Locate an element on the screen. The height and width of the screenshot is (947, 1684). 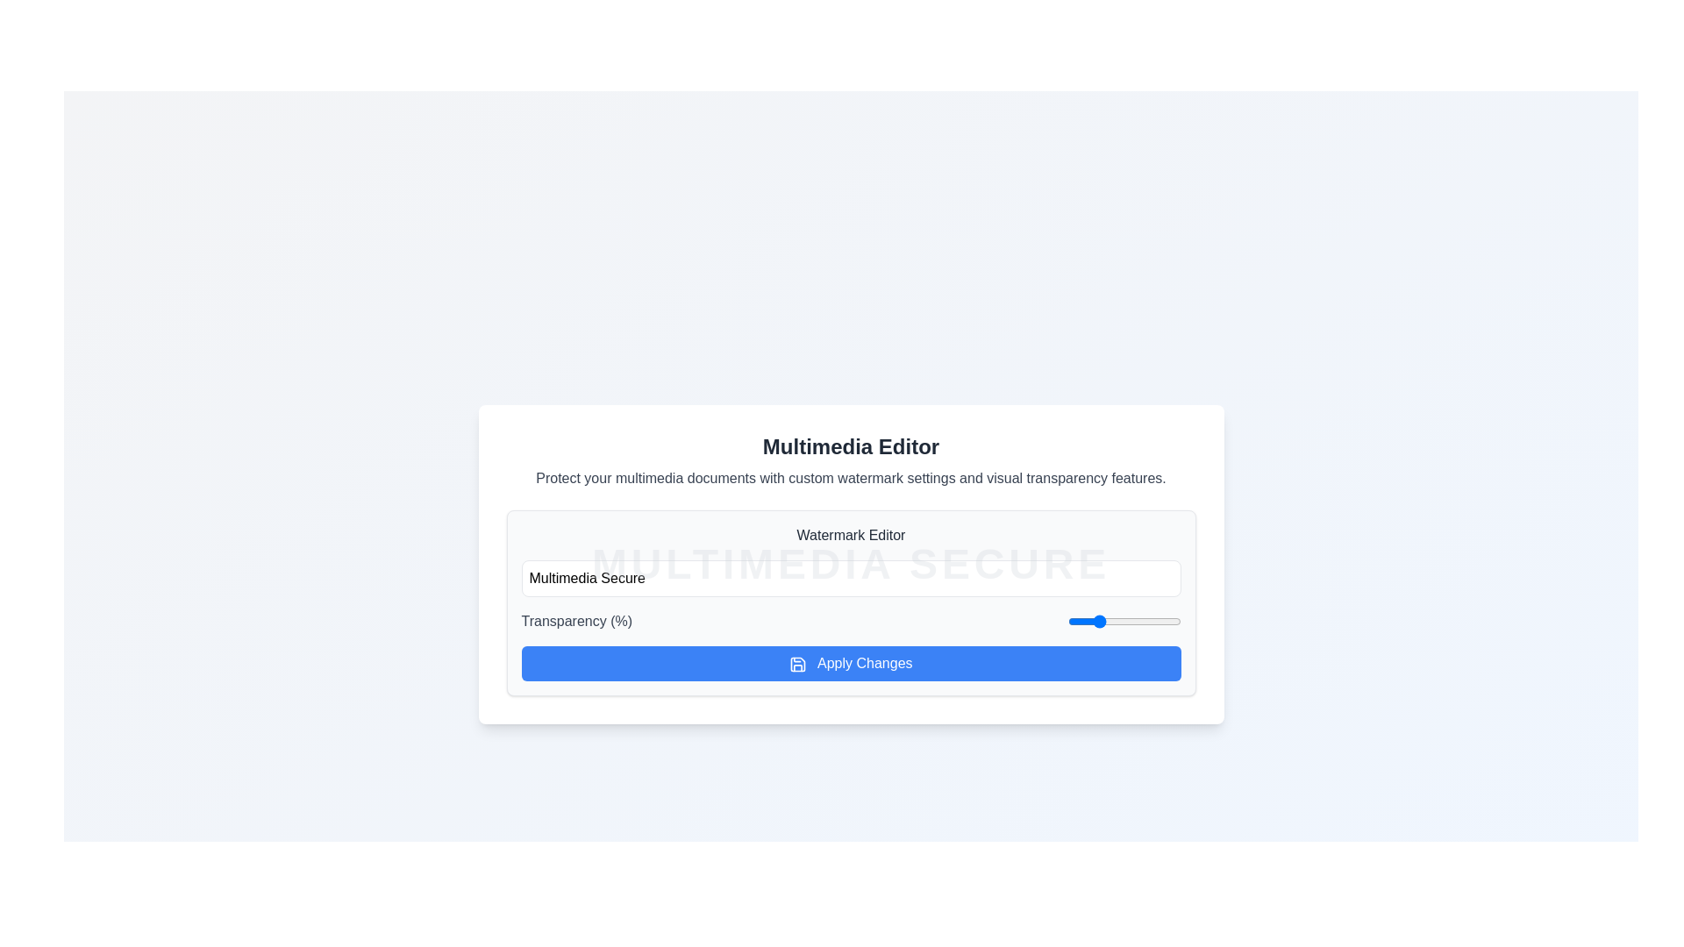
transparency is located at coordinates (1110, 621).